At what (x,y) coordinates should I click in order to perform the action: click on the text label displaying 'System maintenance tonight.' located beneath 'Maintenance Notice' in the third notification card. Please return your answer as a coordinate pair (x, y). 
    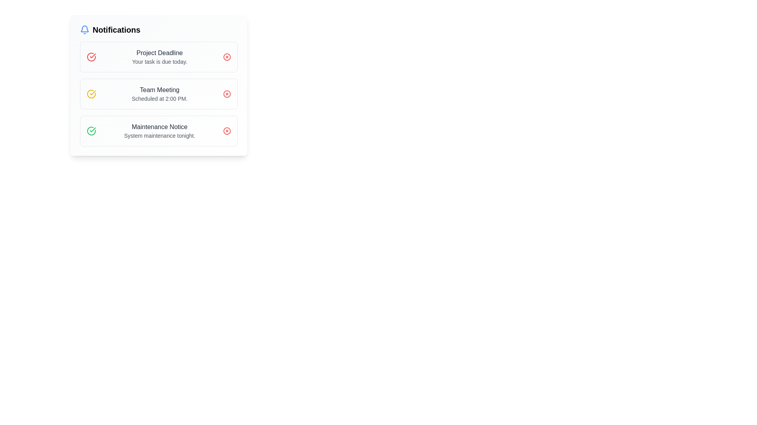
    Looking at the image, I should click on (159, 135).